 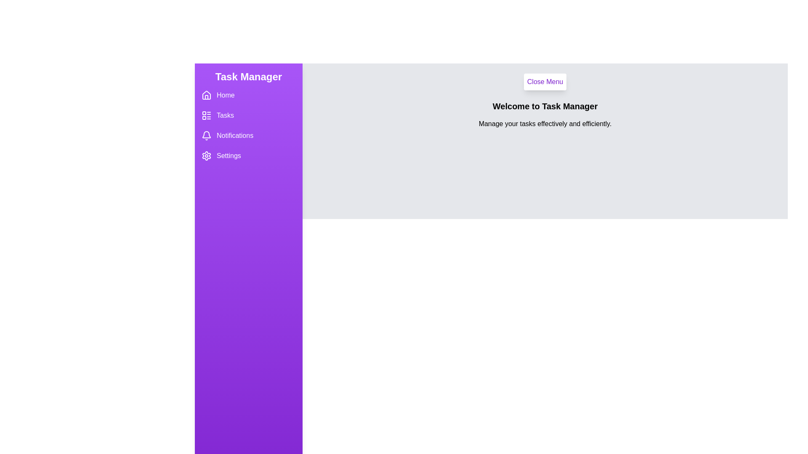 I want to click on the navigation option Home to navigate to the respective section, so click(x=248, y=95).